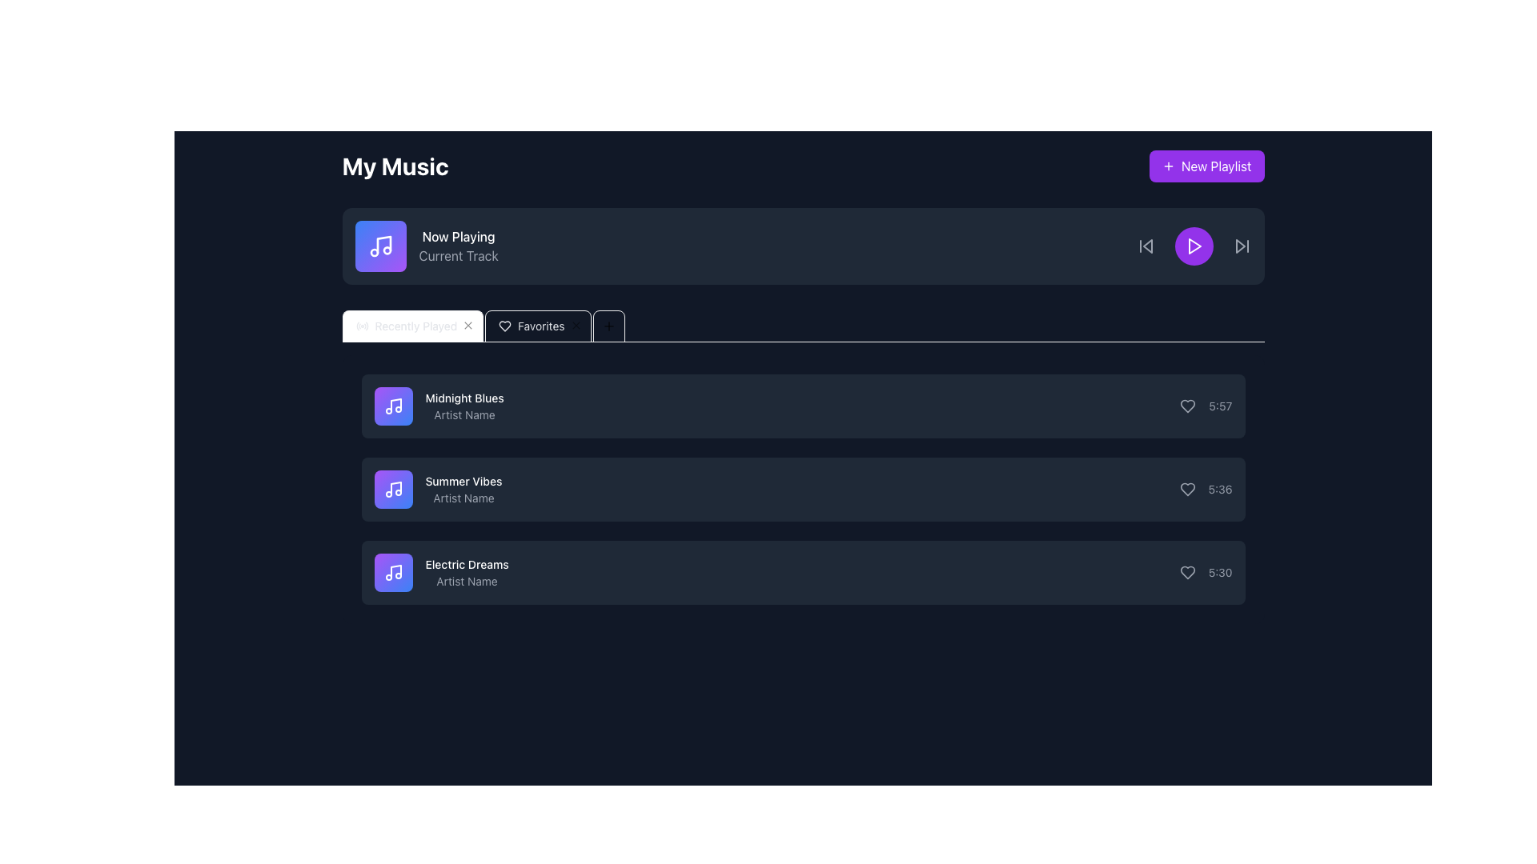 The width and height of the screenshot is (1537, 864). Describe the element at coordinates (466, 572) in the screenshot. I see `the text descriptor for the last music track in the playlist` at that location.